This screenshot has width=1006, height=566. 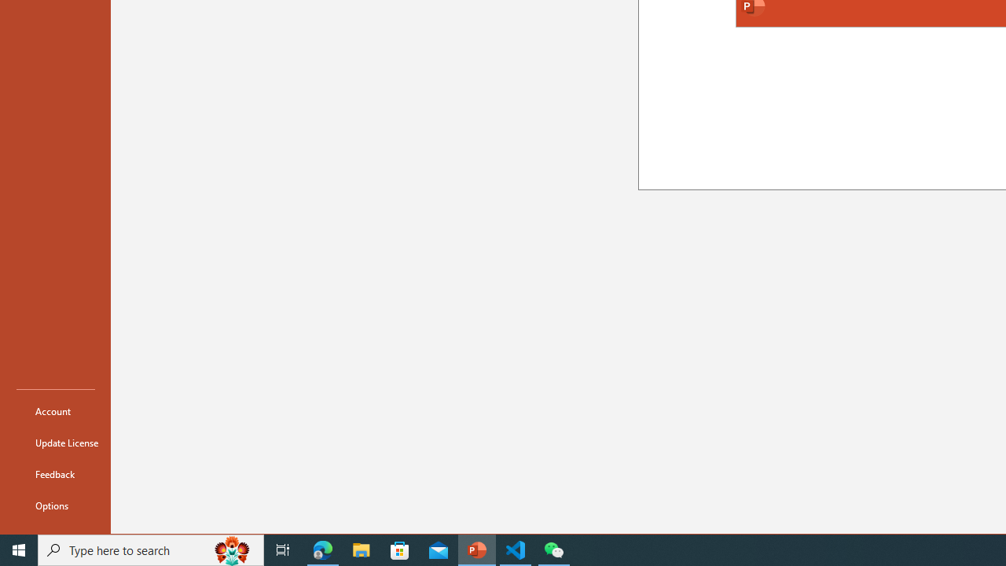 What do you see at coordinates (56, 473) in the screenshot?
I see `'Feedback'` at bounding box center [56, 473].